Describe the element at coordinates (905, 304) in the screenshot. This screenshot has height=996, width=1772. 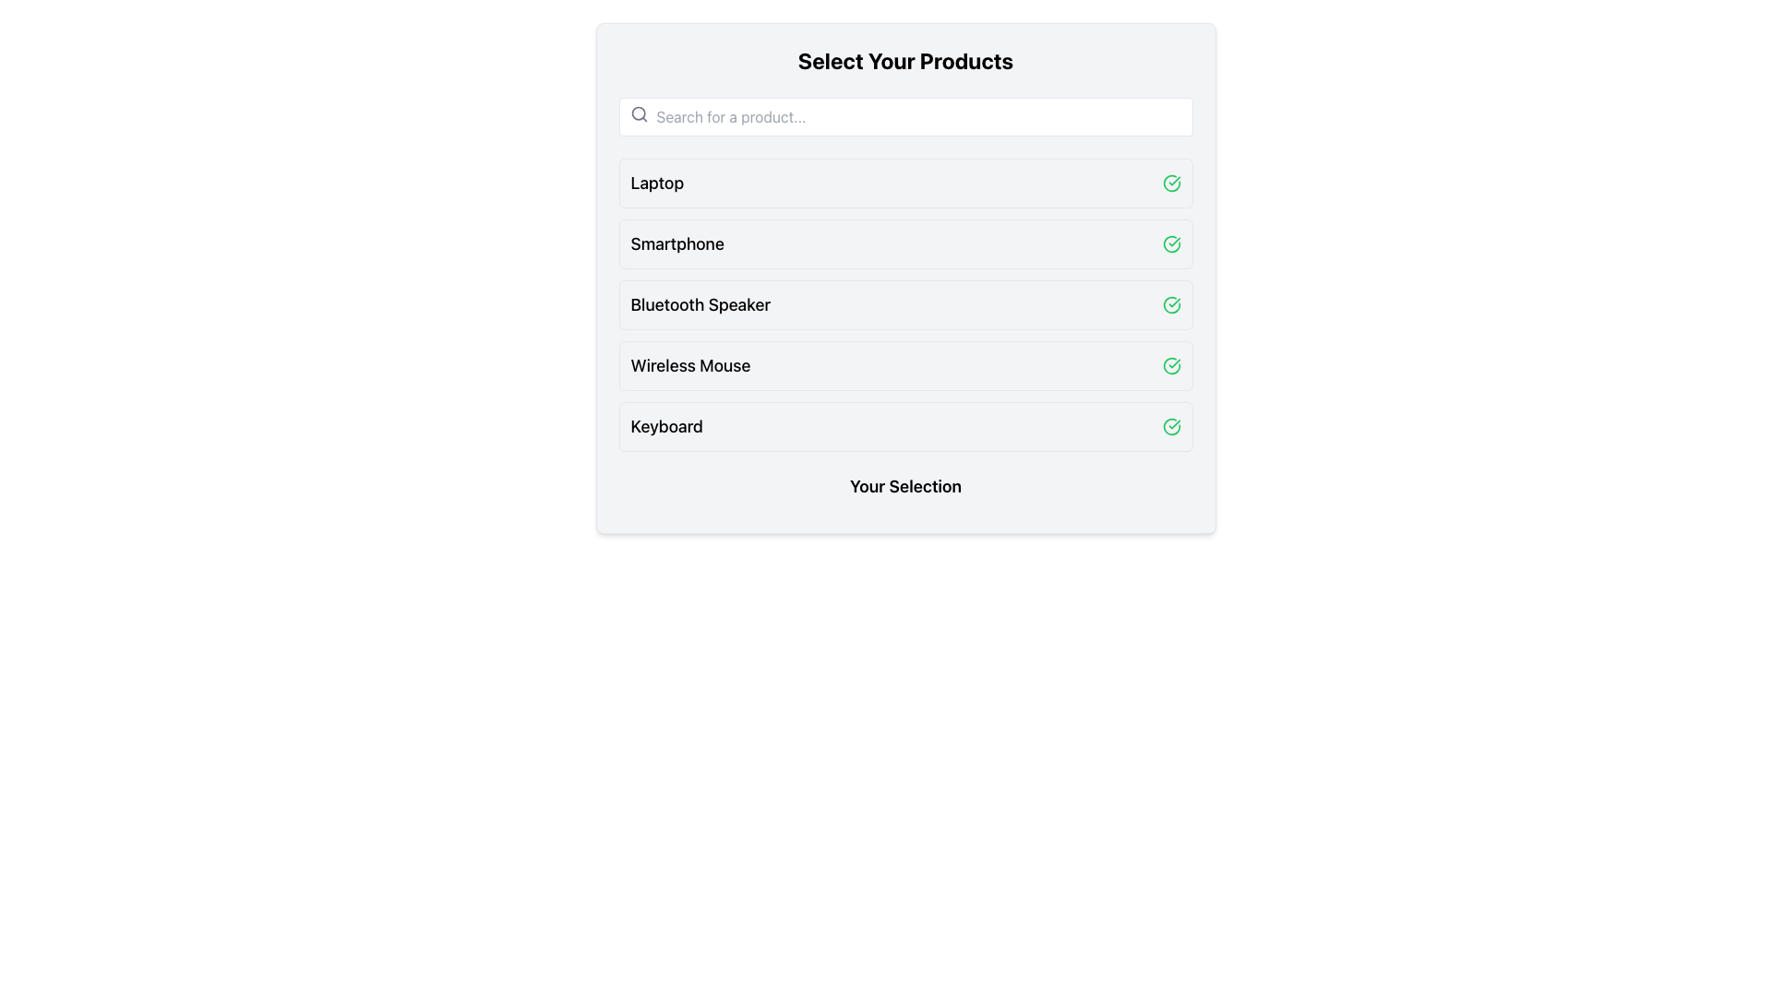
I see `the list item representing 'Bluetooth Speaker'` at that location.